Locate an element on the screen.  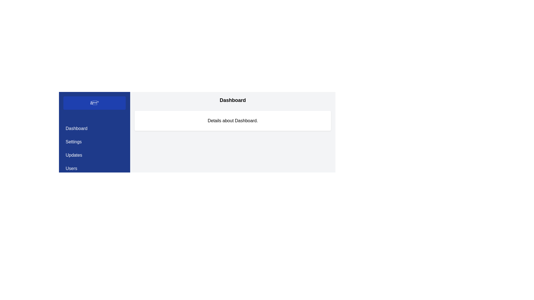
the 'Dashboard' navigation link located in the sidebar menu, which is the first item above the 'Settings' option is located at coordinates (95, 128).